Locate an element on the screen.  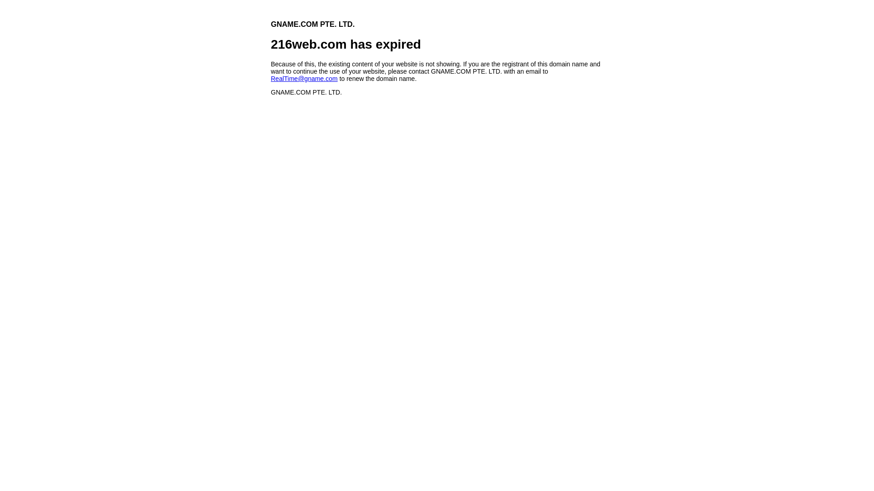
'RealTime@gname.com' is located at coordinates (304, 78).